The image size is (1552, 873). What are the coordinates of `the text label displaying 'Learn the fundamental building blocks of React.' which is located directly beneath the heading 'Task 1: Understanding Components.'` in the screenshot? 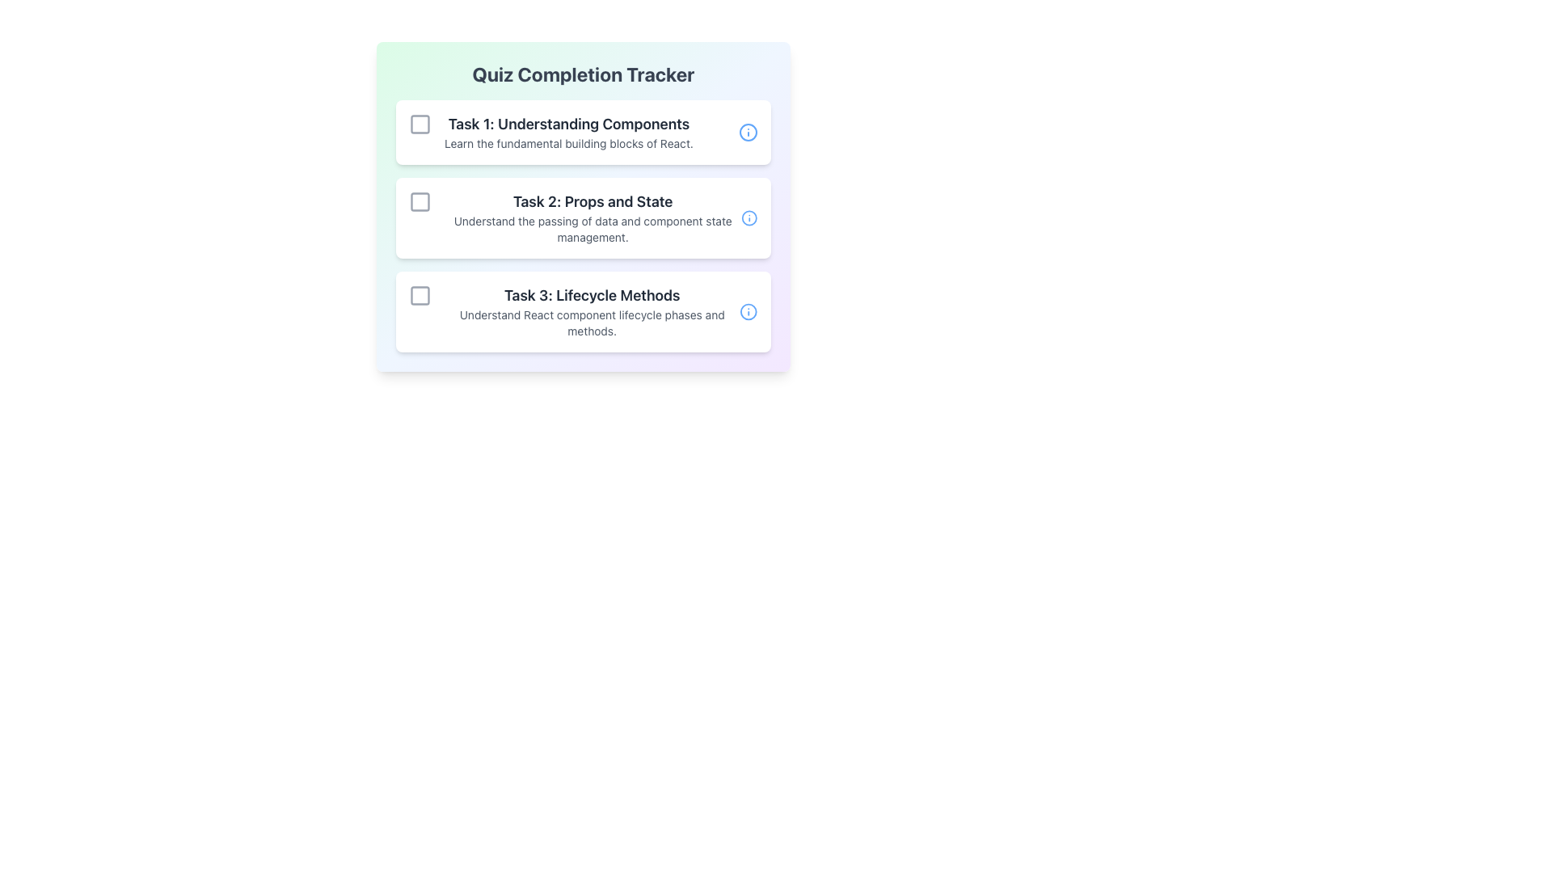 It's located at (568, 142).